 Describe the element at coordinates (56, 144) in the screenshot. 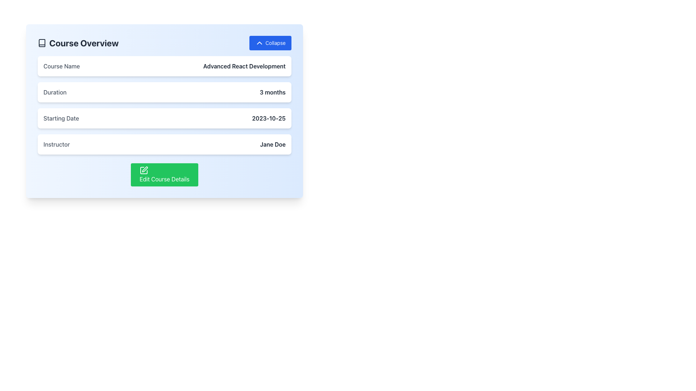

I see `the static text label 'Instructor' located at the bottom left of the 'Course Overview' card, indicating the instructor of the course` at that location.